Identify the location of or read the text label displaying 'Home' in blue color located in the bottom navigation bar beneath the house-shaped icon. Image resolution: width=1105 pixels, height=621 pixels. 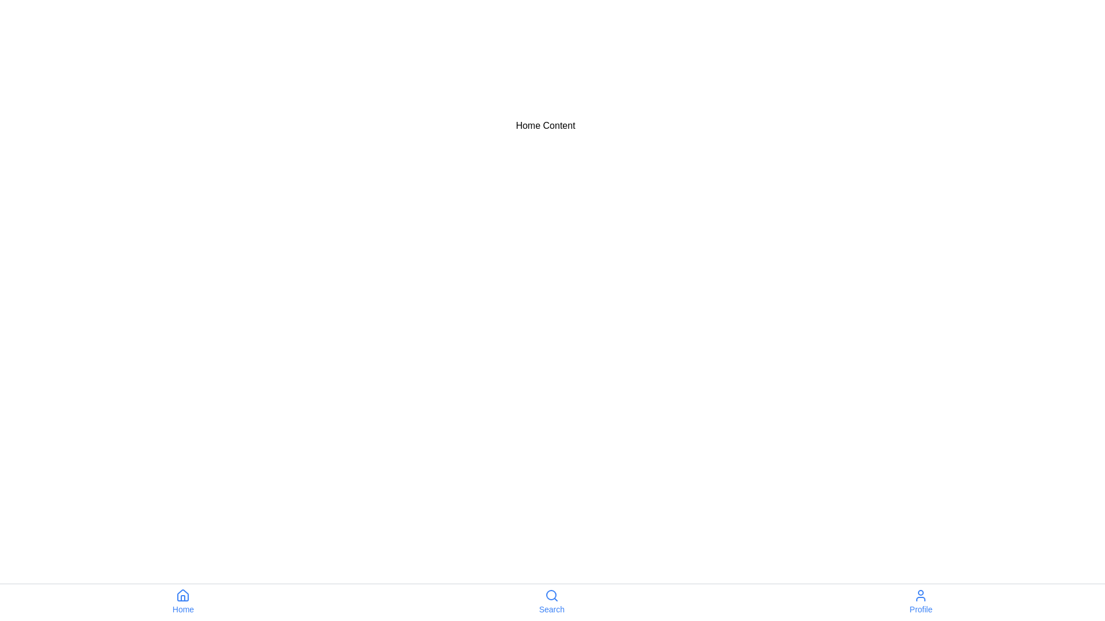
(182, 609).